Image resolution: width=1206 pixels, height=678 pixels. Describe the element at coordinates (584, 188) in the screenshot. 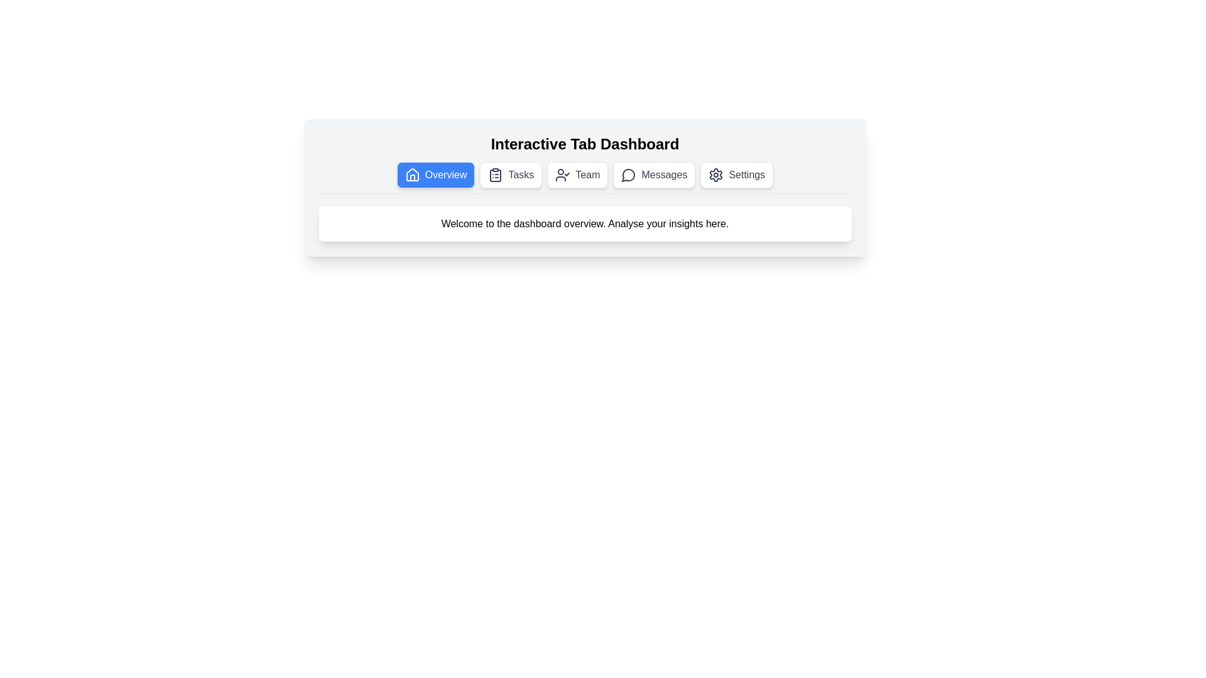

I see `the tab buttons of the 'Interactive Tab Dashboard'` at that location.